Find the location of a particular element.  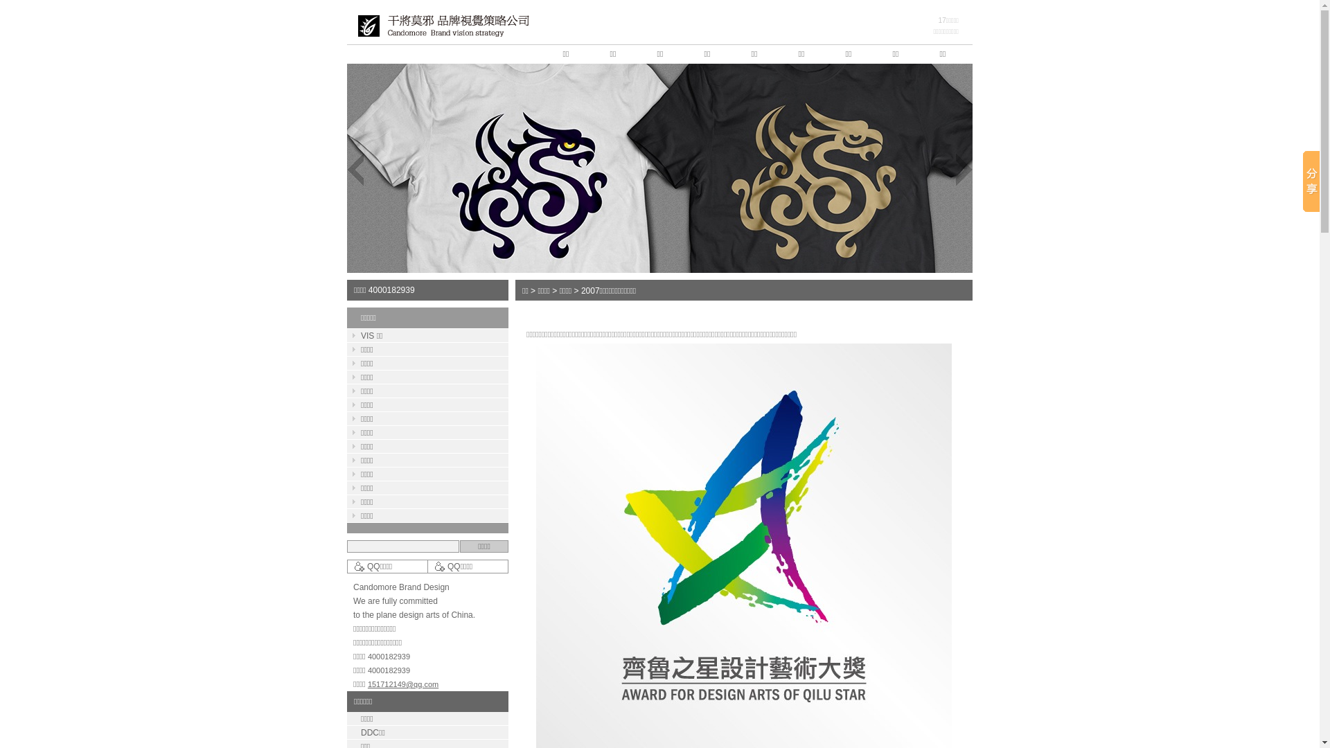

'151712149@qq.com' is located at coordinates (402, 683).